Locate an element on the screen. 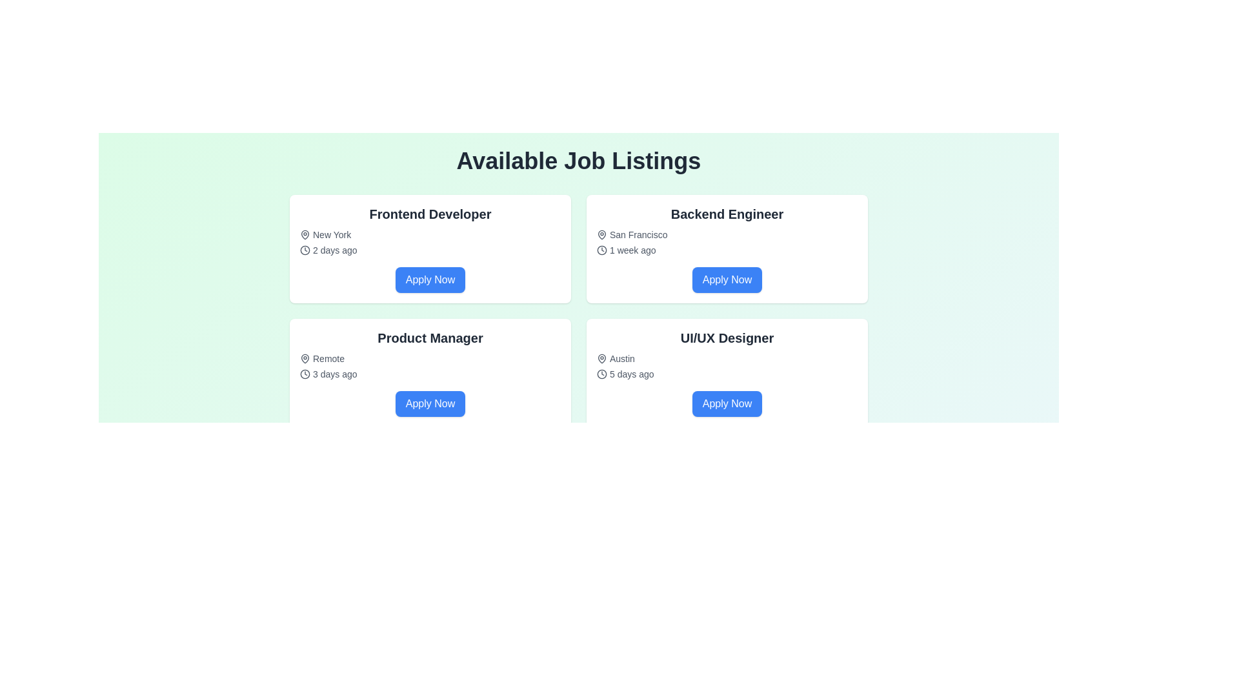 This screenshot has width=1239, height=697. the geographic context icon located above the 'San Francisco' text in the Backend Engineer job listing card is located at coordinates (601, 234).